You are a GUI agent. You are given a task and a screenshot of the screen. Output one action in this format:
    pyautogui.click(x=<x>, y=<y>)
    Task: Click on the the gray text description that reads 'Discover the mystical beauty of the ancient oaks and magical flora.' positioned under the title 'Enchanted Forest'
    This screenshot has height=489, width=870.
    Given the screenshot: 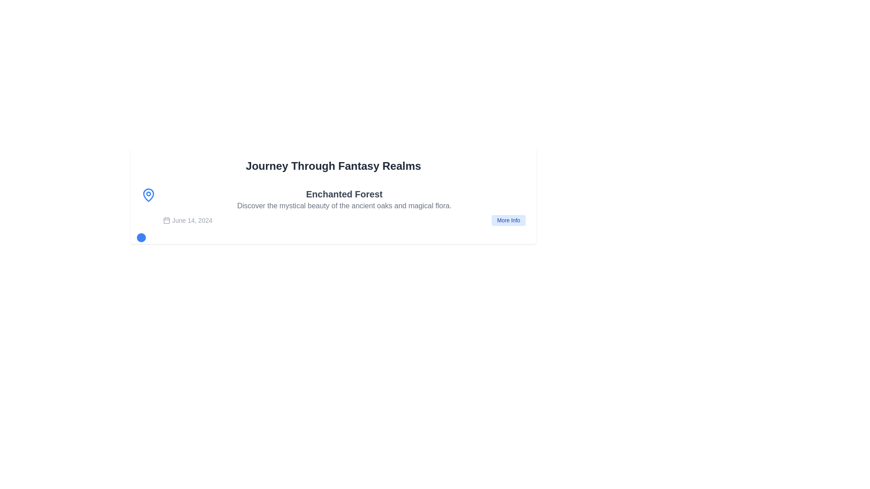 What is the action you would take?
    pyautogui.click(x=343, y=206)
    